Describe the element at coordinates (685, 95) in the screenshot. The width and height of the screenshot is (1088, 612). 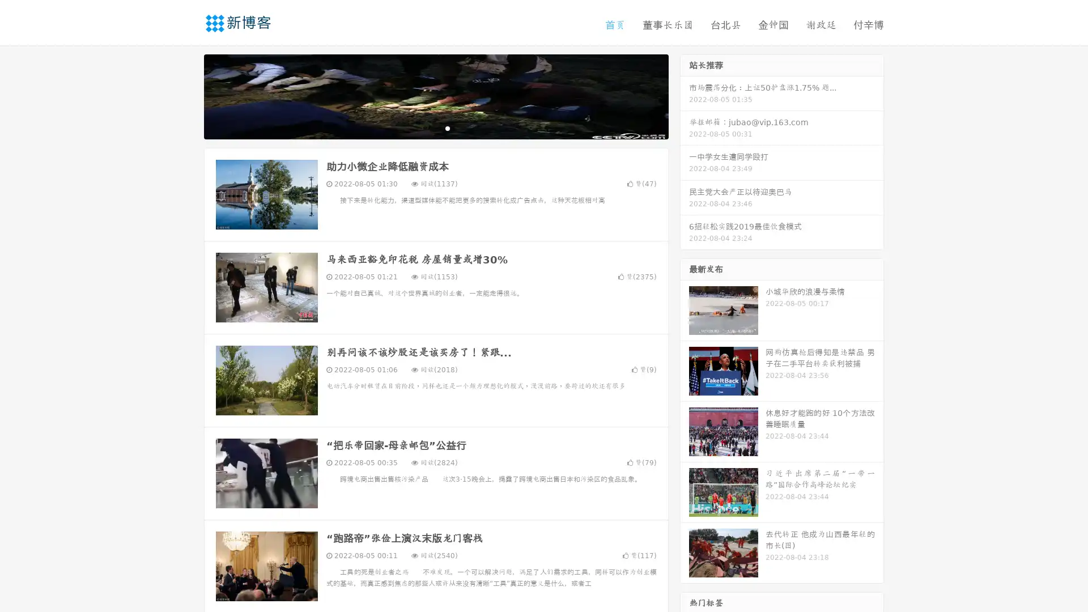
I see `Next slide` at that location.